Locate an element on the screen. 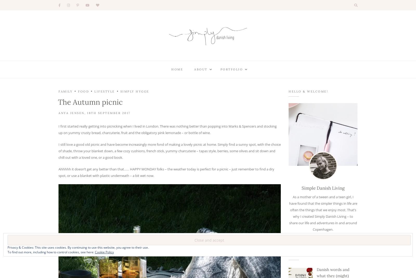 The height and width of the screenshot is (278, 416). 'Family' is located at coordinates (66, 91).